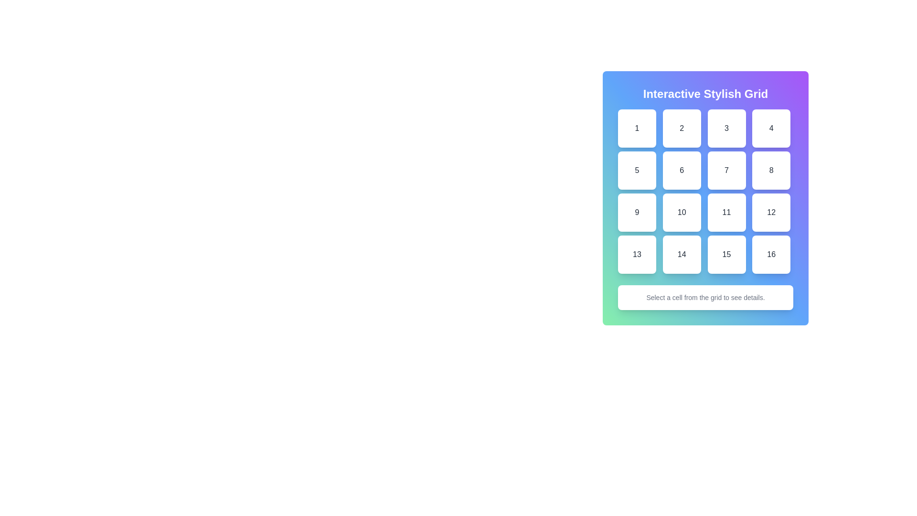  Describe the element at coordinates (705, 192) in the screenshot. I see `a cell` at that location.